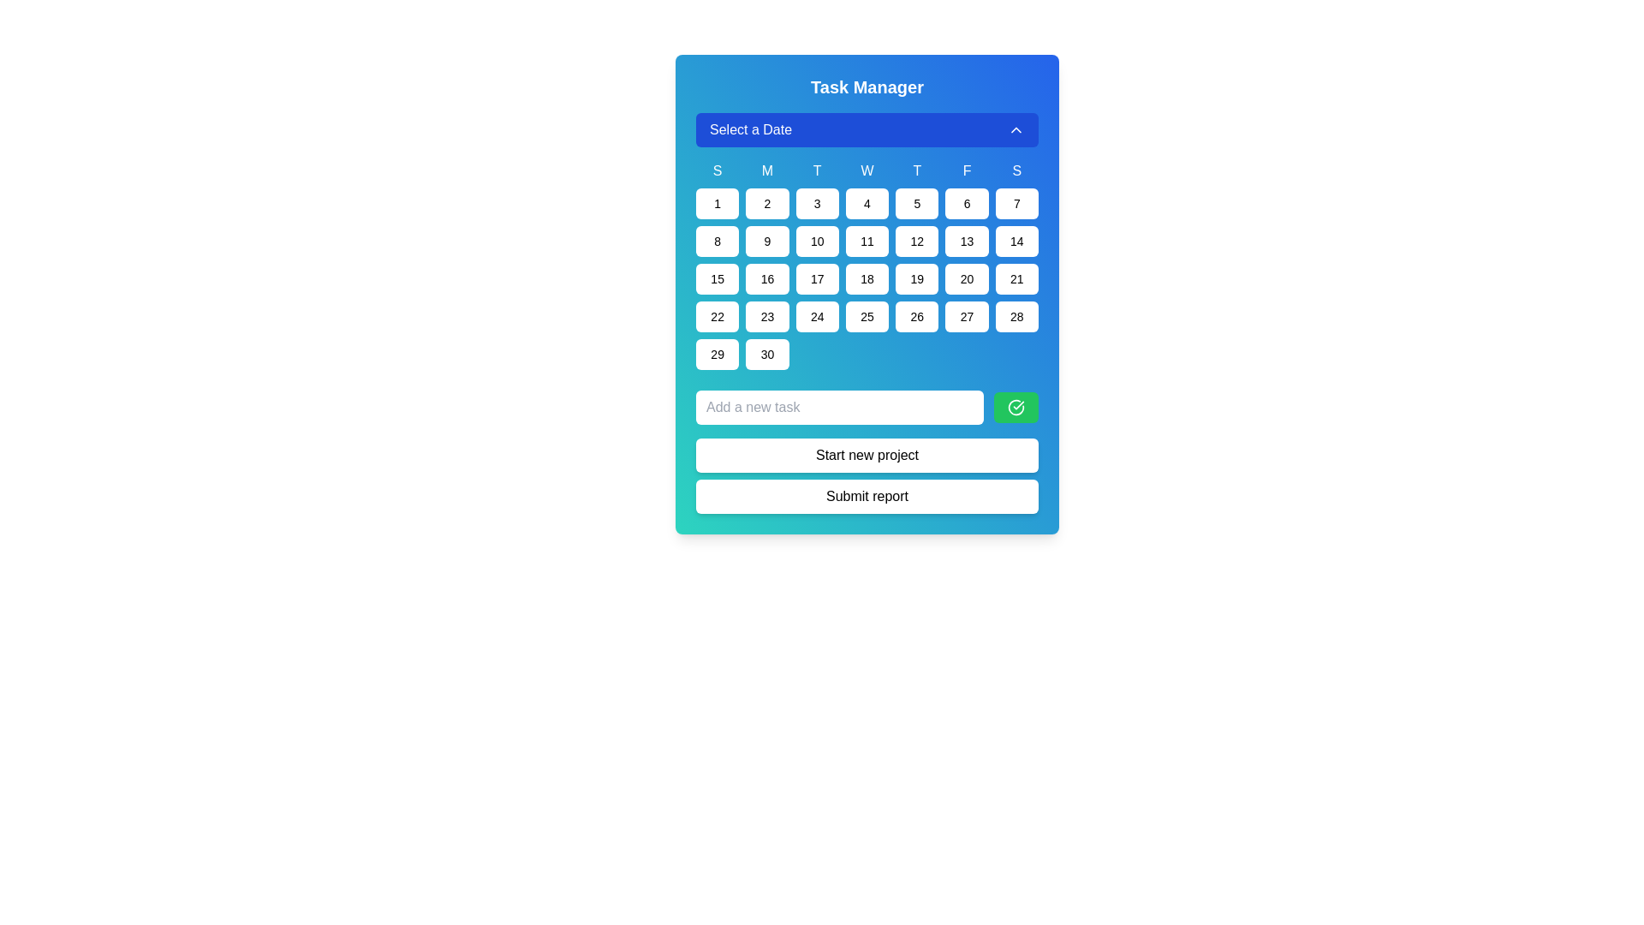 The image size is (1644, 925). What do you see at coordinates (1016, 407) in the screenshot?
I see `the icon (circle with a checkmark) within the green rectangular button to confirm the addition of a new task` at bounding box center [1016, 407].